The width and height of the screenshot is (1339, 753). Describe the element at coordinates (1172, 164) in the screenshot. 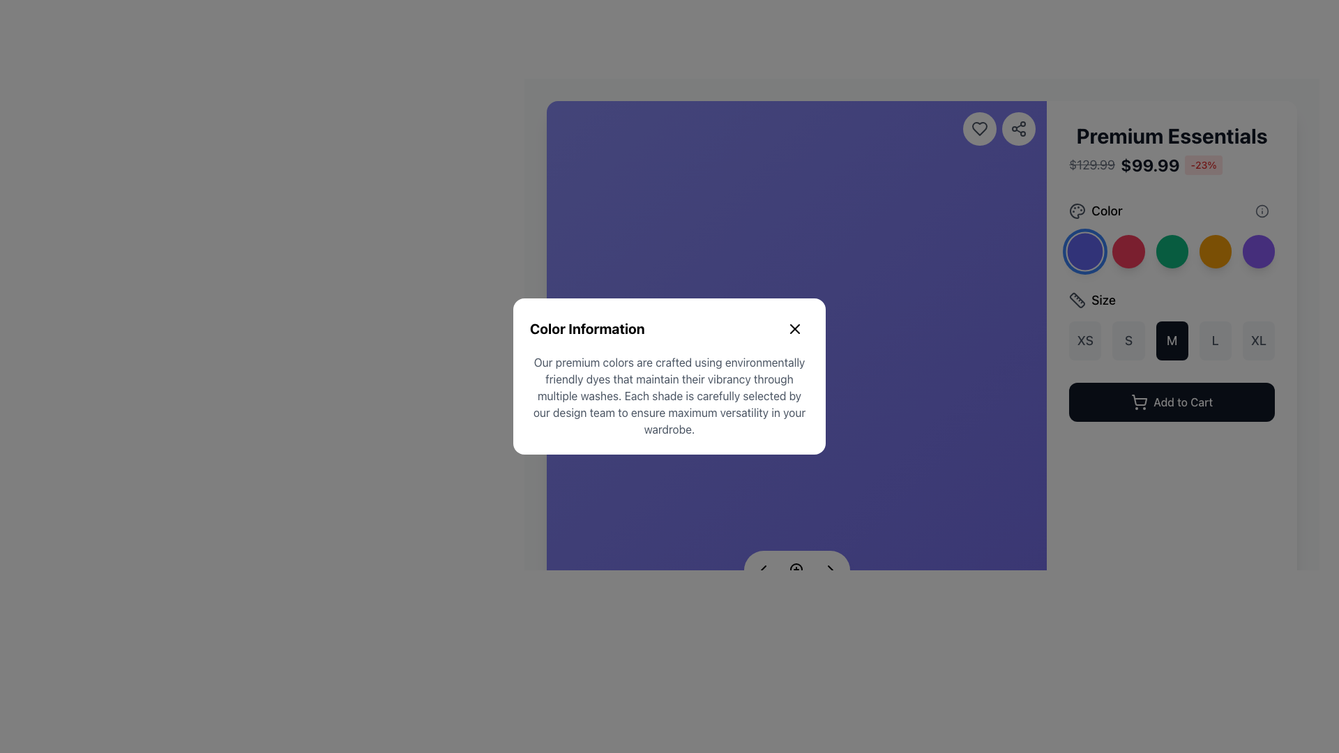

I see `the Composite text displaying pricing details located in the right pane under the title 'Premium Essentials', positioned below the product name and above the sections for color and size selection` at that location.